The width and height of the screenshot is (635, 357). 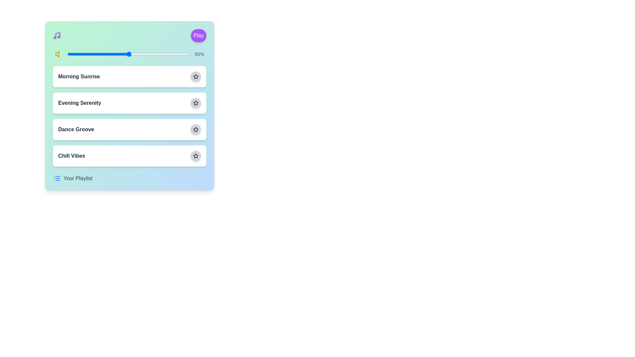 What do you see at coordinates (195, 130) in the screenshot?
I see `the circular button with a light gray background and a star icon located in the 'Dance Groove' playlist item` at bounding box center [195, 130].